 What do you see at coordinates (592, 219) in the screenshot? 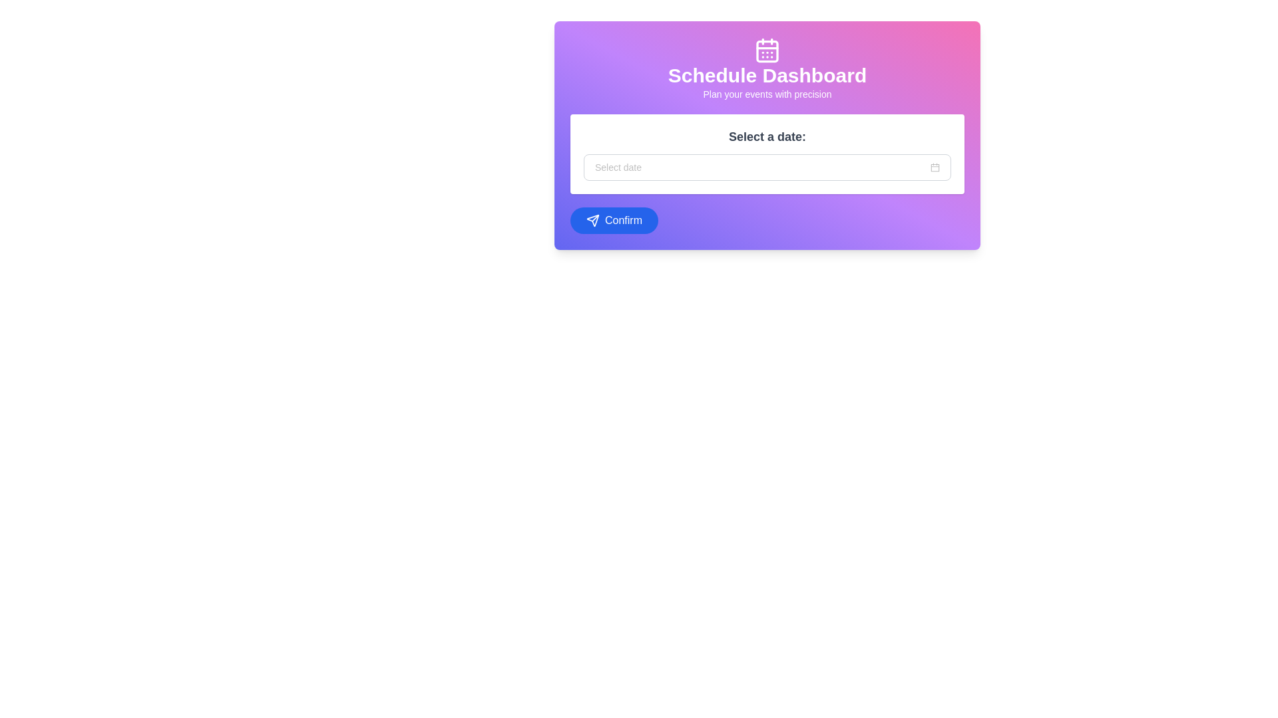
I see `the paper plane icon, which is styled with a blue stroke and located at the center of the 'Confirm' button at the bottom-left of the card` at bounding box center [592, 219].